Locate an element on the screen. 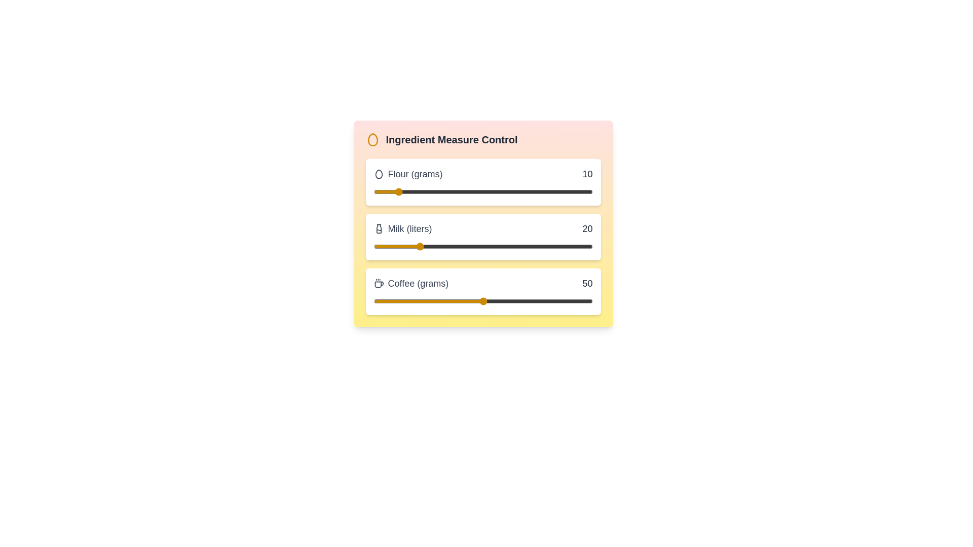 The width and height of the screenshot is (973, 547). ingredient measurement is located at coordinates (474, 191).